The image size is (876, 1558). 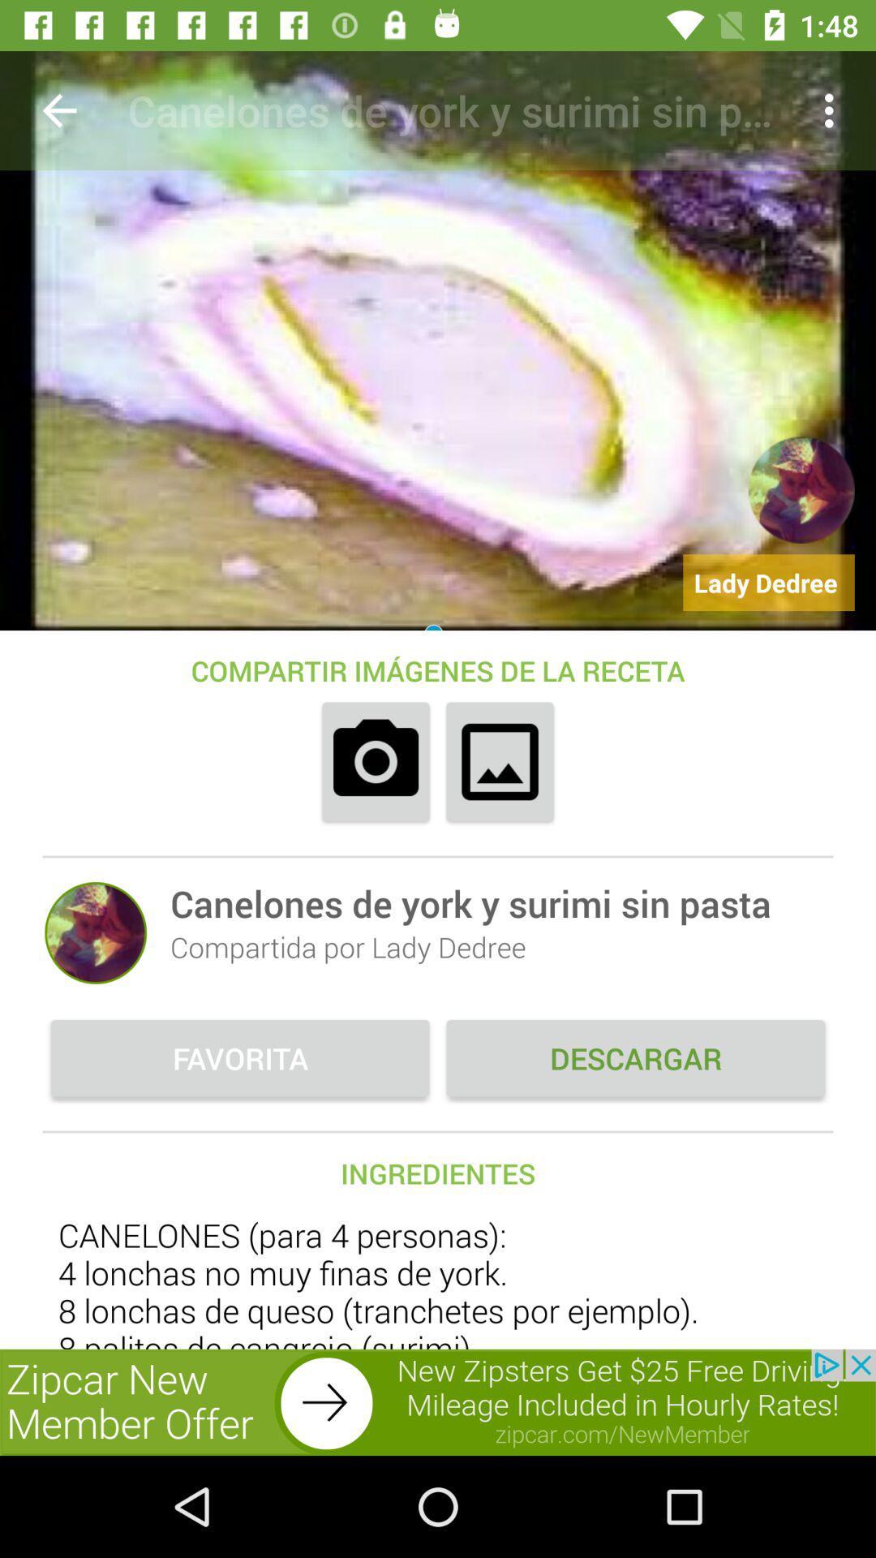 What do you see at coordinates (96, 932) in the screenshot?
I see `the avatar icon` at bounding box center [96, 932].